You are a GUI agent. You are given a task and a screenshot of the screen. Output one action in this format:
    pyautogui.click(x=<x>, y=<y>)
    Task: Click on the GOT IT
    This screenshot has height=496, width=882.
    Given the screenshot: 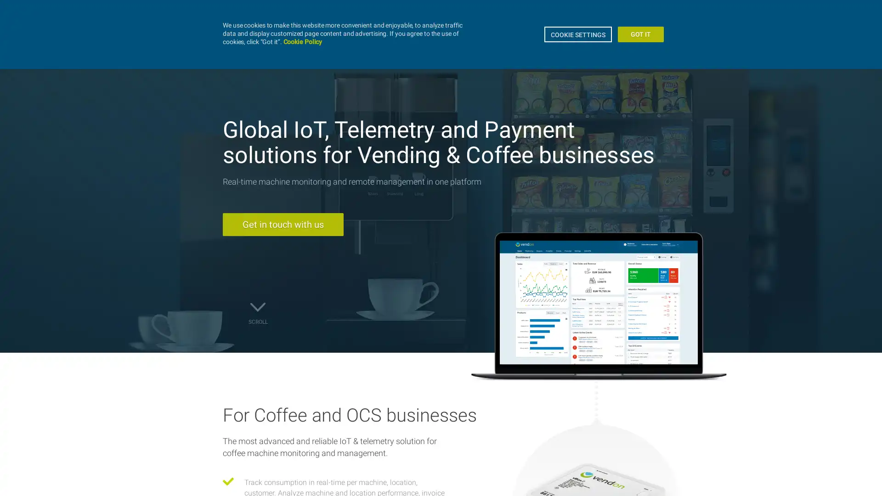 What is the action you would take?
    pyautogui.click(x=639, y=34)
    